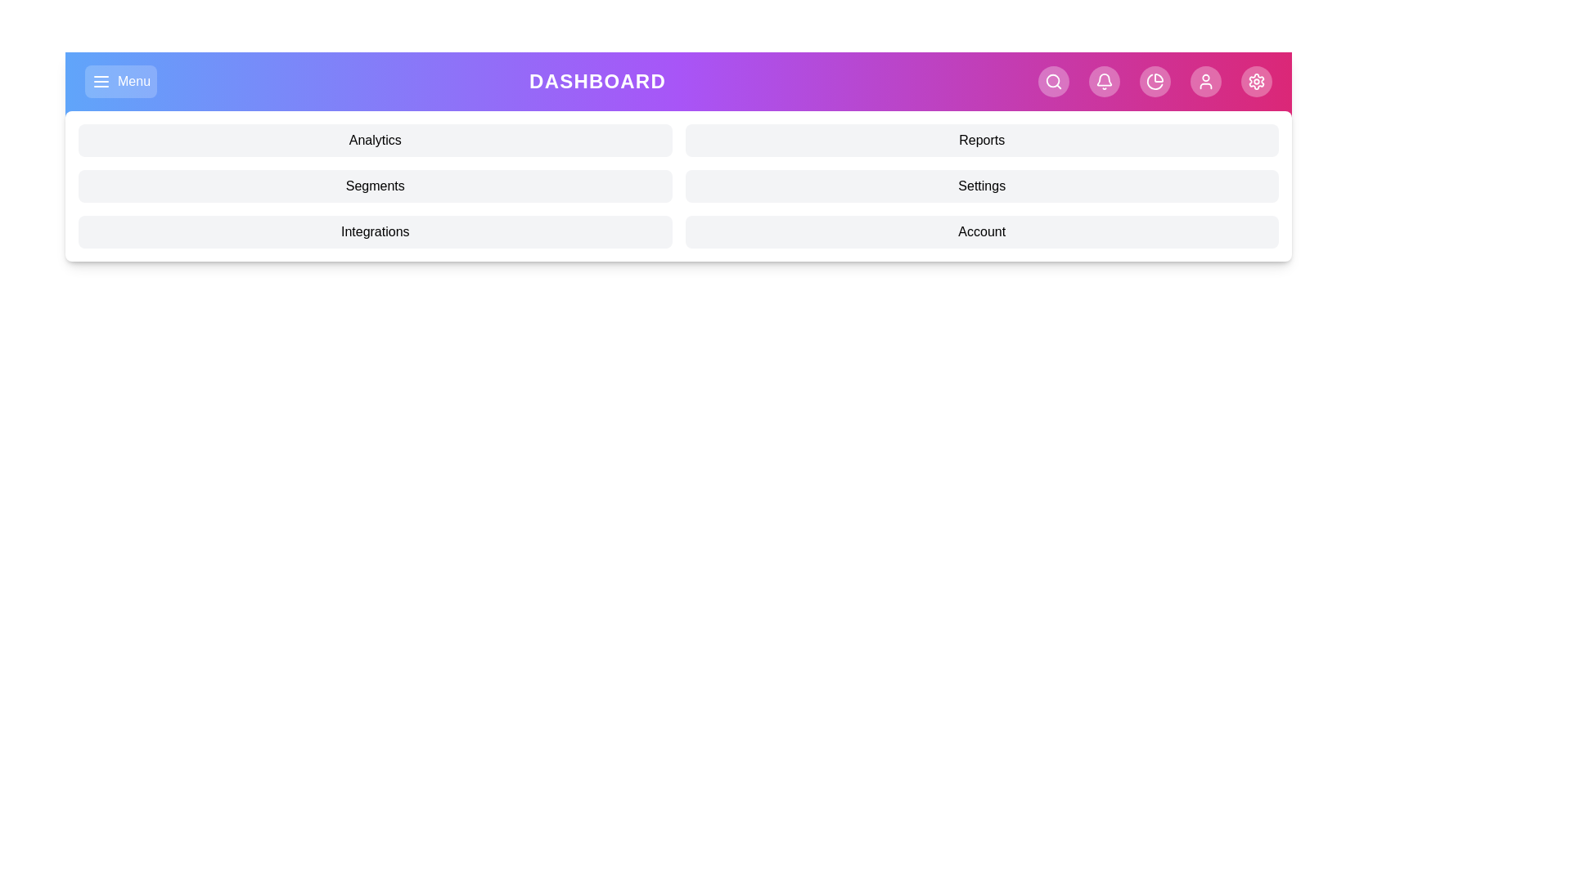 This screenshot has height=883, width=1571. What do you see at coordinates (982, 185) in the screenshot?
I see `the menu option Settings` at bounding box center [982, 185].